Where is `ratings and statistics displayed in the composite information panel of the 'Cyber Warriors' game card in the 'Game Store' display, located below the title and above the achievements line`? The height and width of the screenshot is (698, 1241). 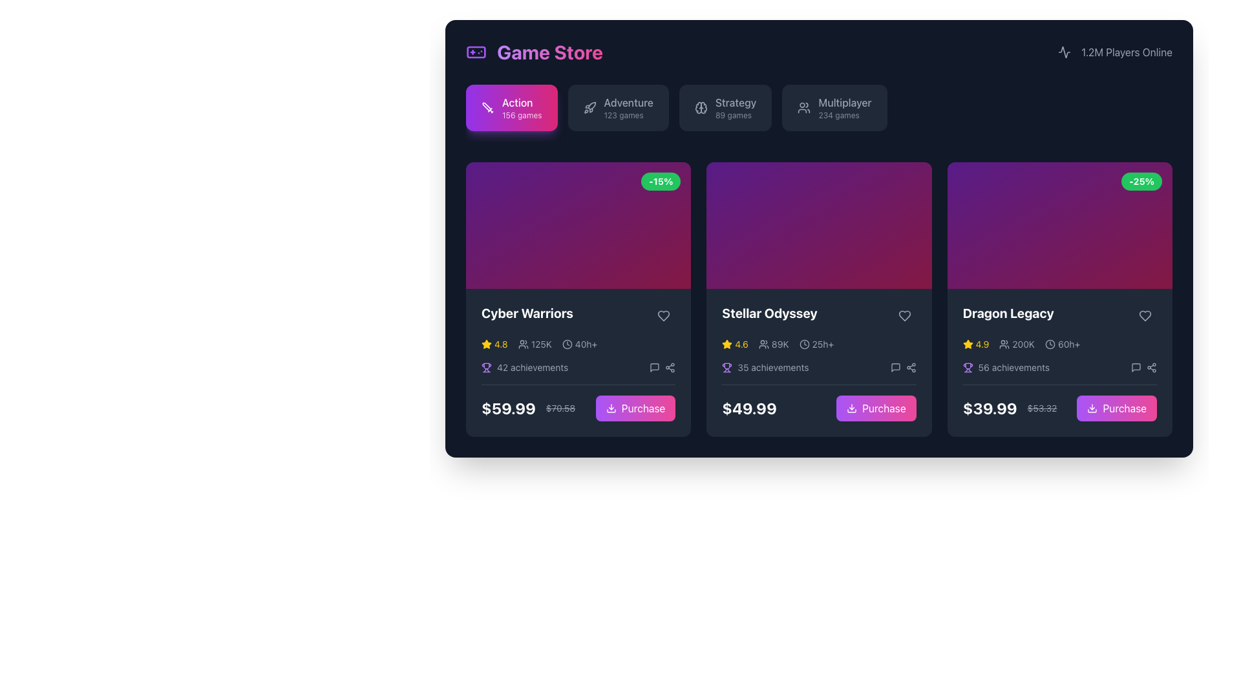
ratings and statistics displayed in the composite information panel of the 'Cyber Warriors' game card in the 'Game Store' display, located below the title and above the achievements line is located at coordinates (578, 343).